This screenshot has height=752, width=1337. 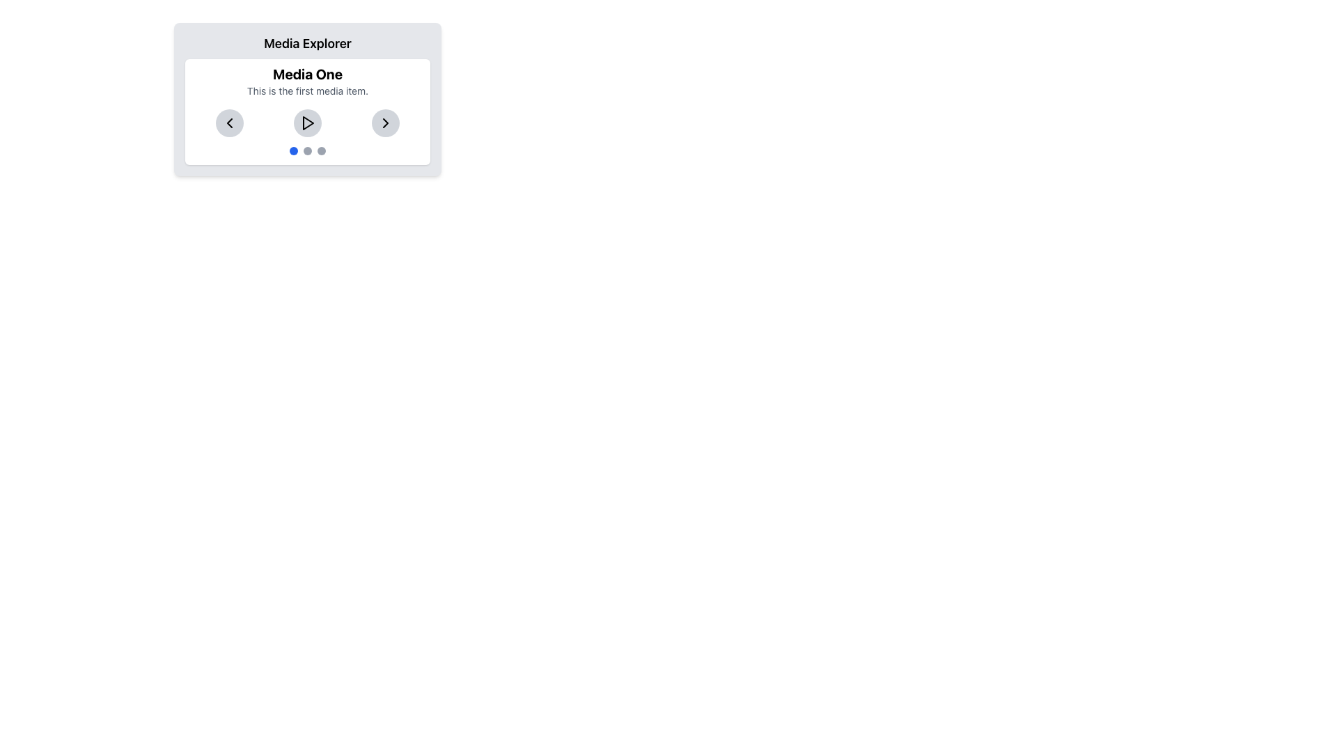 What do you see at coordinates (306, 81) in the screenshot?
I see `text from the 'Media One' text block, which includes a bold title and a smaller description within a card-like component` at bounding box center [306, 81].